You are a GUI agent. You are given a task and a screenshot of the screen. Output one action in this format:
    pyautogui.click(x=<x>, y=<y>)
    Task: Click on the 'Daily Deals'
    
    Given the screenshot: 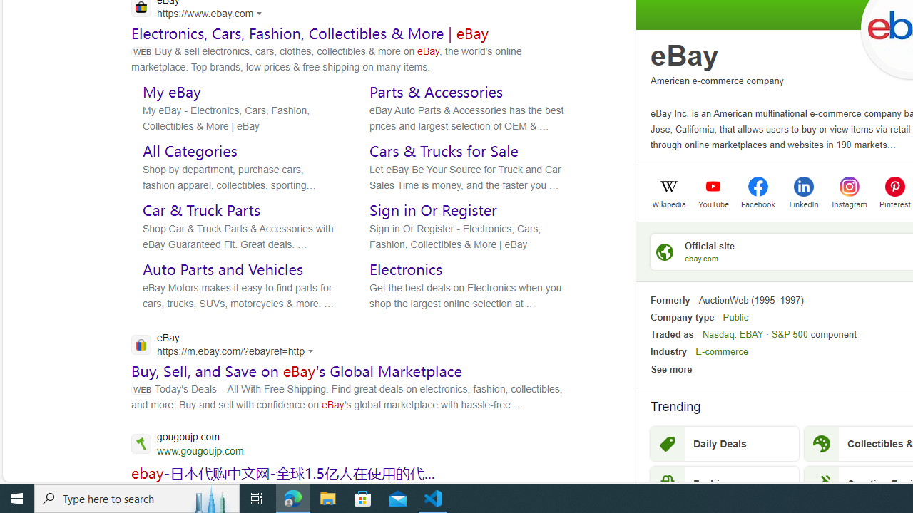 What is the action you would take?
    pyautogui.click(x=724, y=443)
    